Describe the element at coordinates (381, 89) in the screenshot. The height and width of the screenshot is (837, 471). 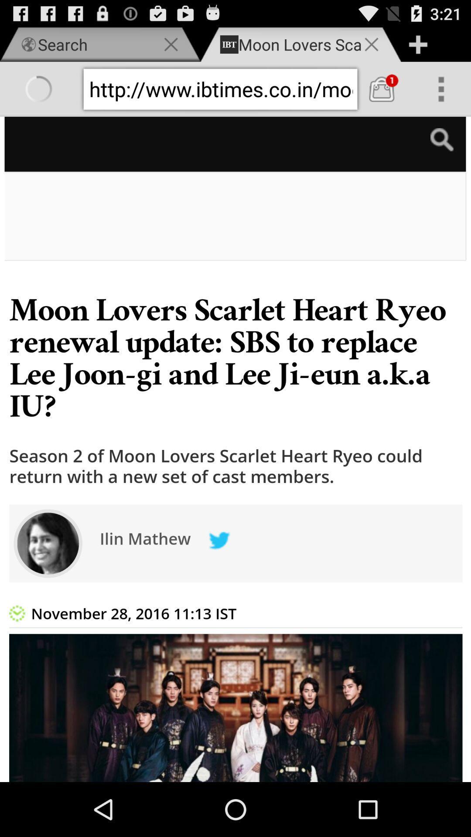
I see `cart` at that location.